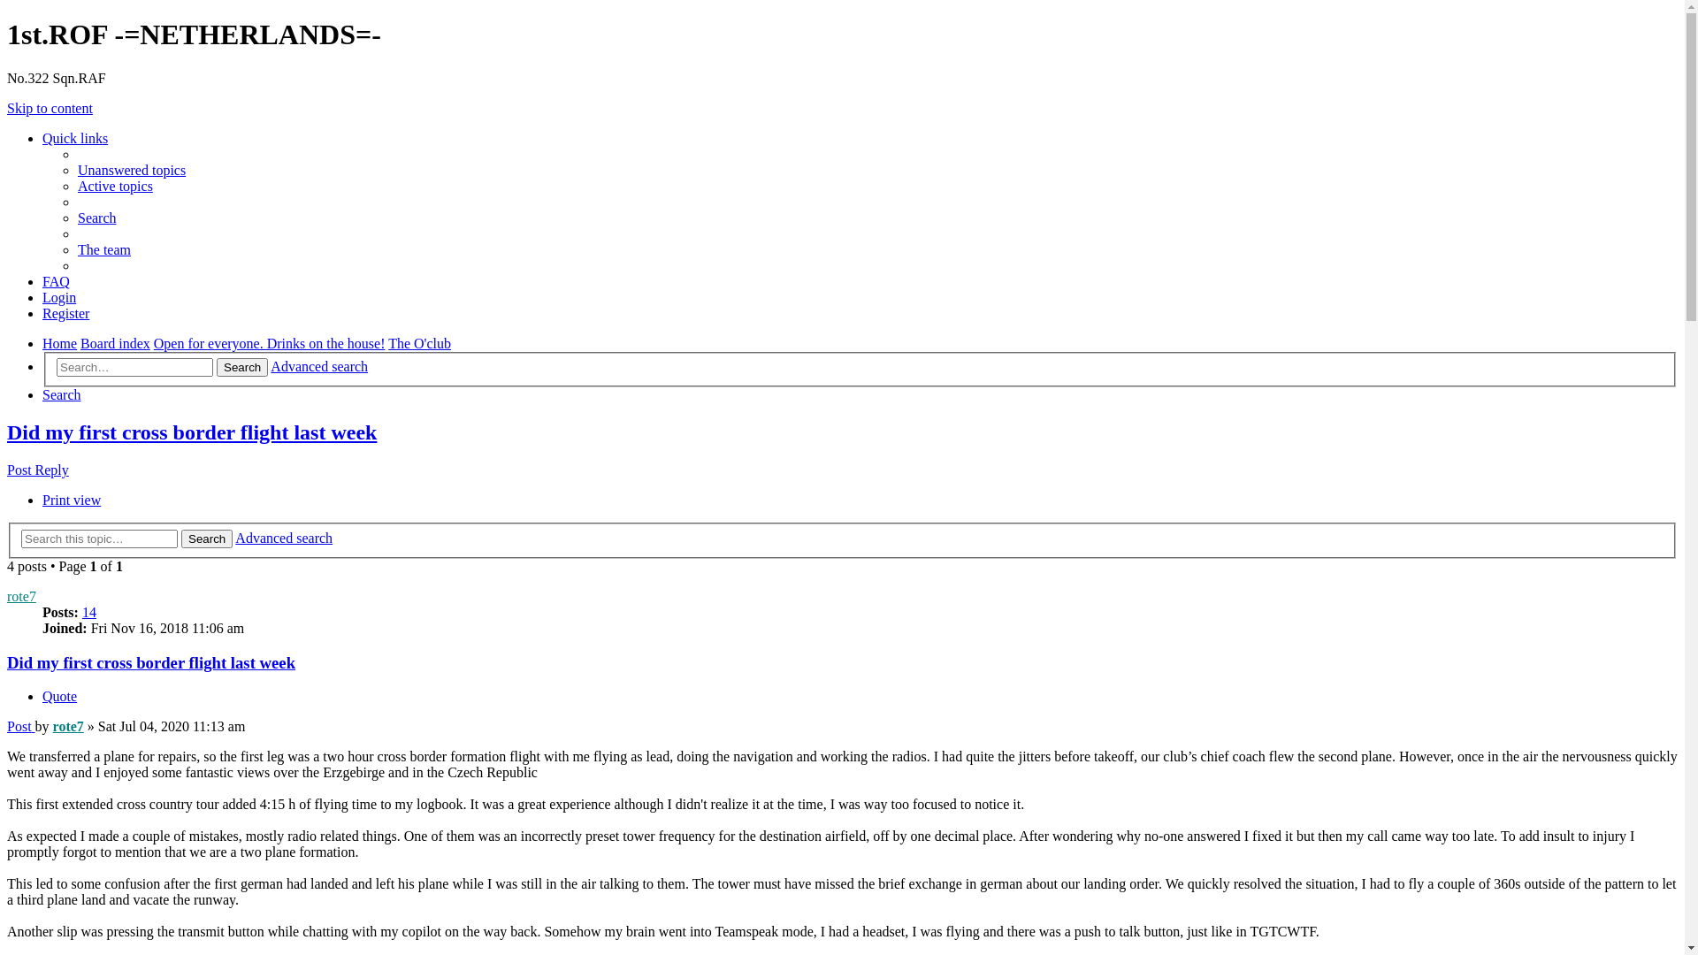 This screenshot has height=955, width=1698. I want to click on 'Advanced search', so click(284, 537).